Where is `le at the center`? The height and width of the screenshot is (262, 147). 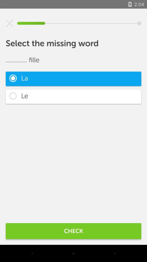 le at the center is located at coordinates (73, 96).